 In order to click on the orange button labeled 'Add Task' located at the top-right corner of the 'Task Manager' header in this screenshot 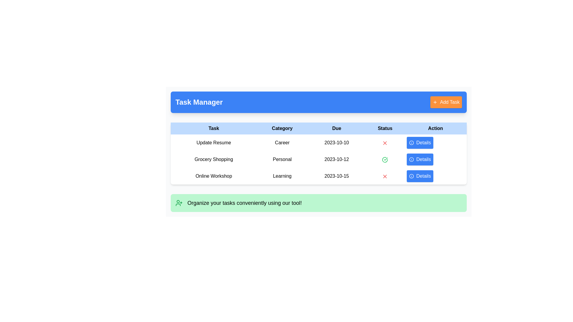, I will do `click(446, 102)`.